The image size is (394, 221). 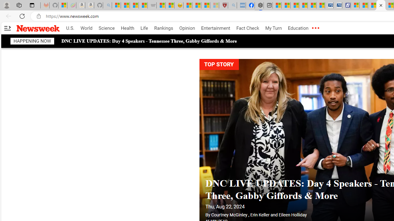 What do you see at coordinates (7, 28) in the screenshot?
I see `'AutomationID: side-arrow'` at bounding box center [7, 28].